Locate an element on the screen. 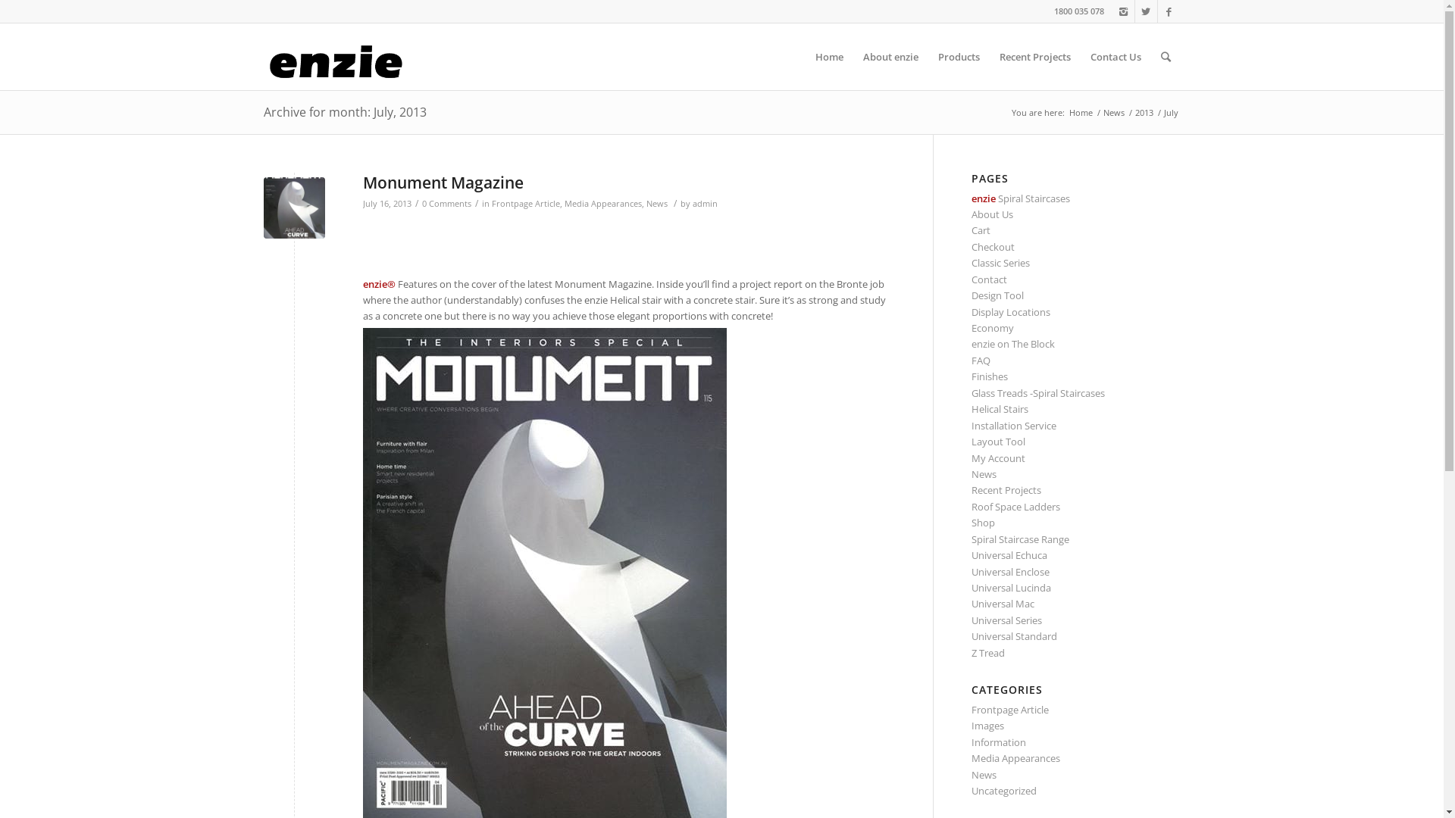 The width and height of the screenshot is (1455, 818). 'Classic Series' is located at coordinates (1000, 262).